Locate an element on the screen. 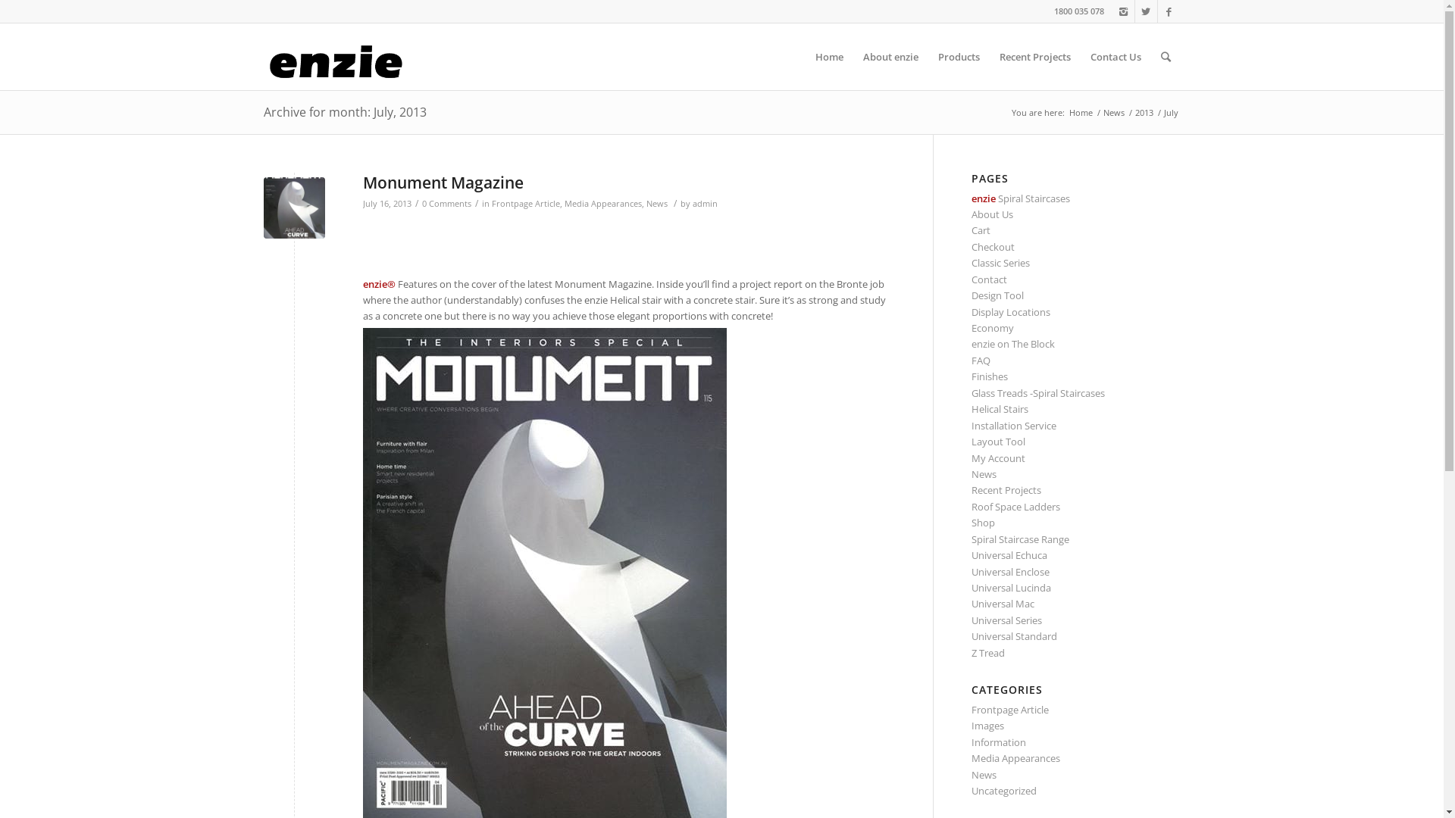 The width and height of the screenshot is (1455, 818). 'Classic Series' is located at coordinates (1000, 262).